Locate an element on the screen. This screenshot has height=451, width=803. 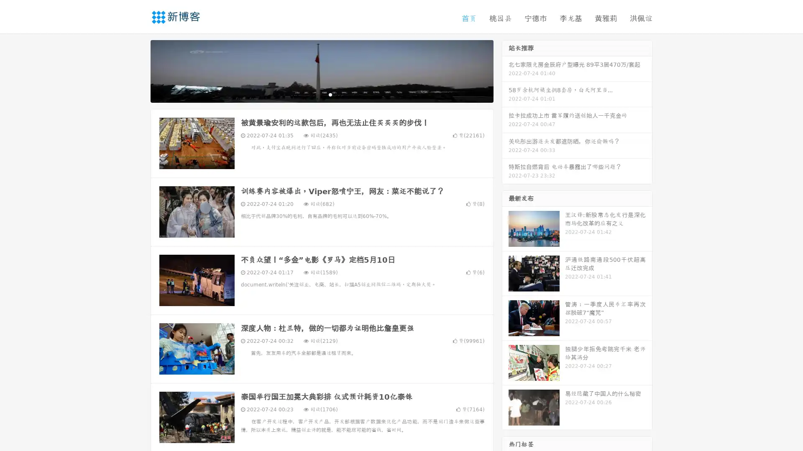
Go to slide 1 is located at coordinates (313, 94).